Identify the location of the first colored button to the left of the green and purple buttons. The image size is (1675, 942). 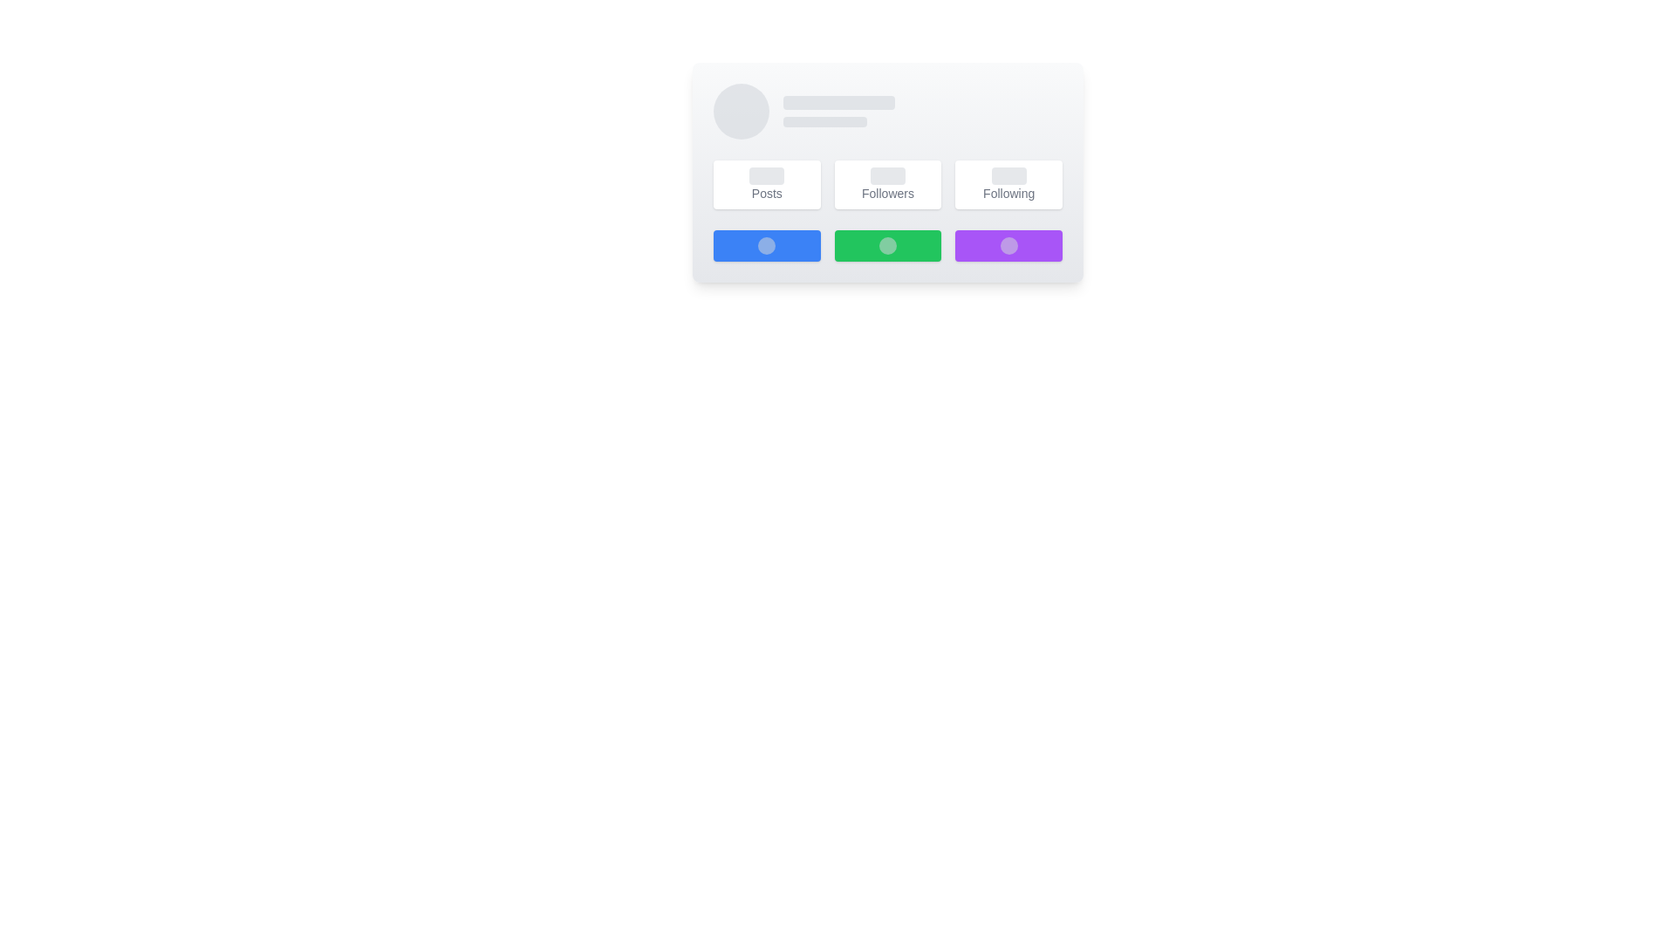
(767, 245).